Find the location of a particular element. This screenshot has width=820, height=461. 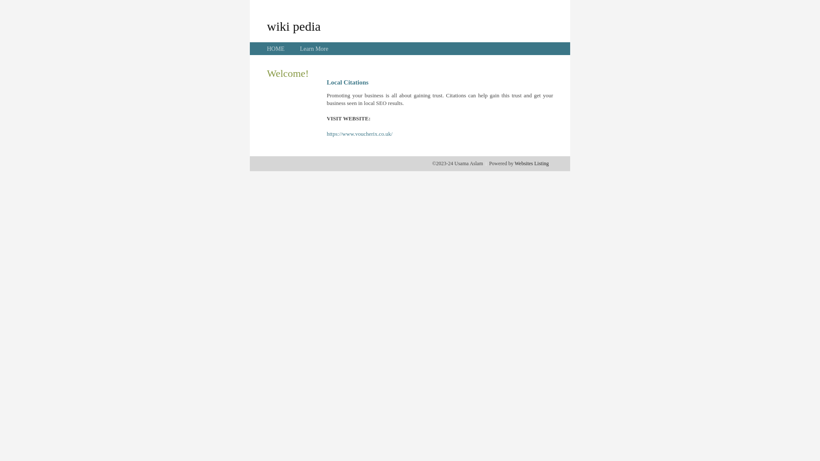

'https://www.voucherix.co.uk/' is located at coordinates (359, 134).